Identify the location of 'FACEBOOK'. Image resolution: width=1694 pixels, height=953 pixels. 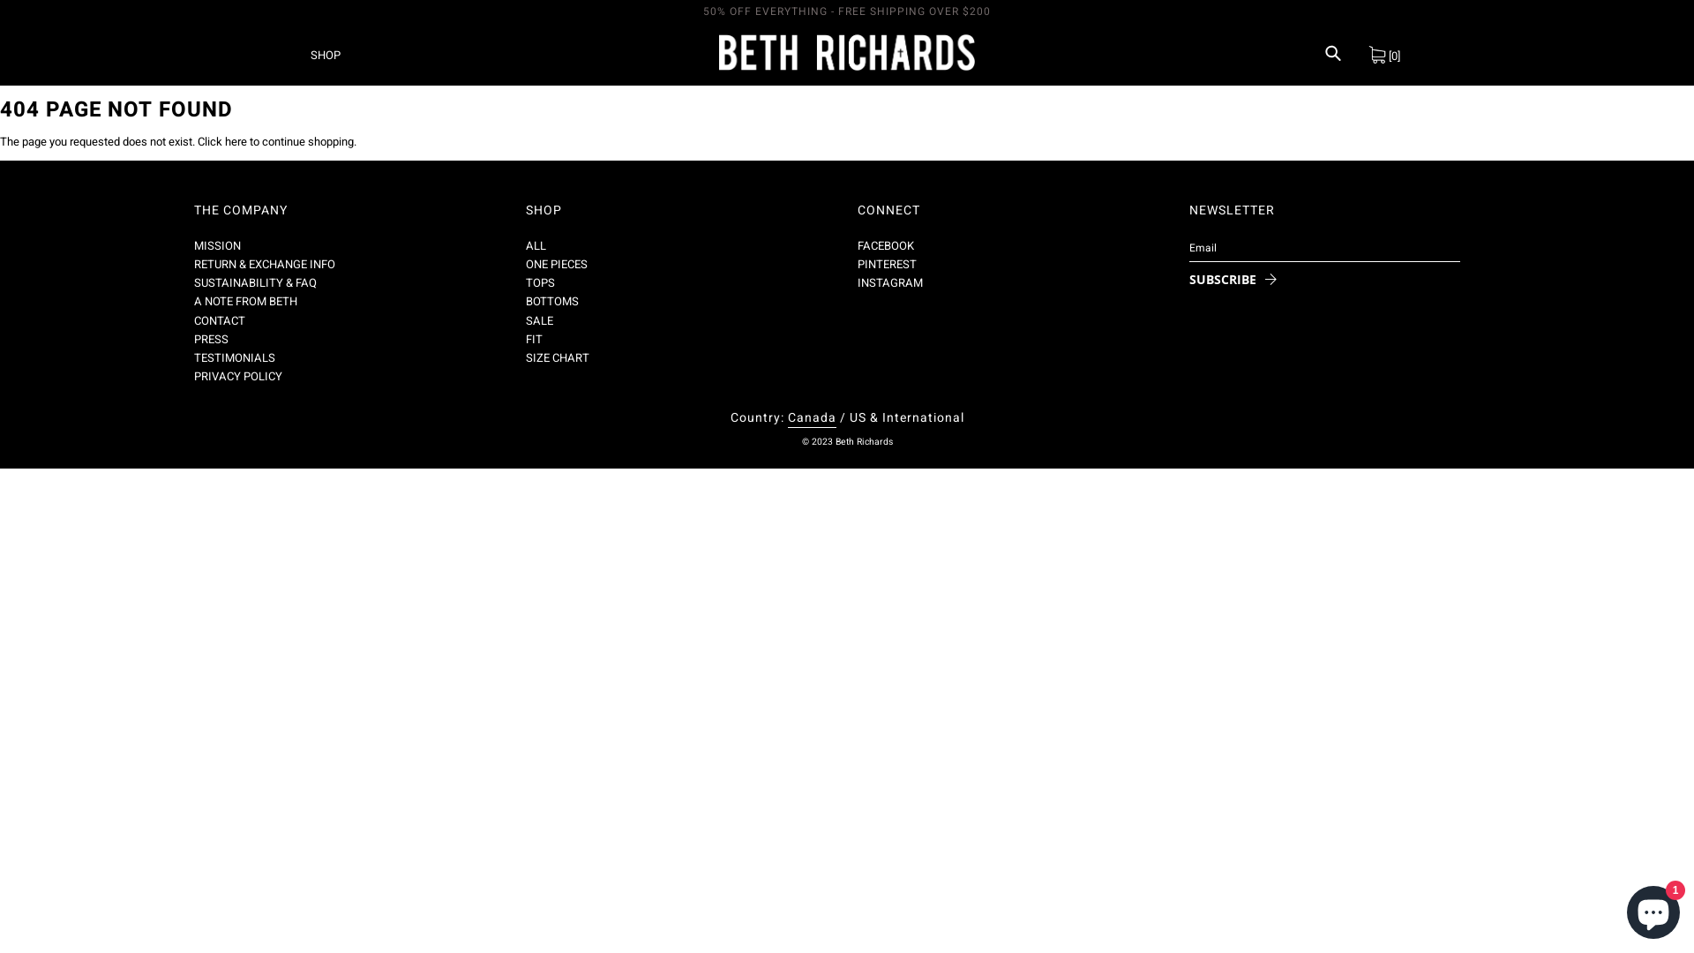
(885, 245).